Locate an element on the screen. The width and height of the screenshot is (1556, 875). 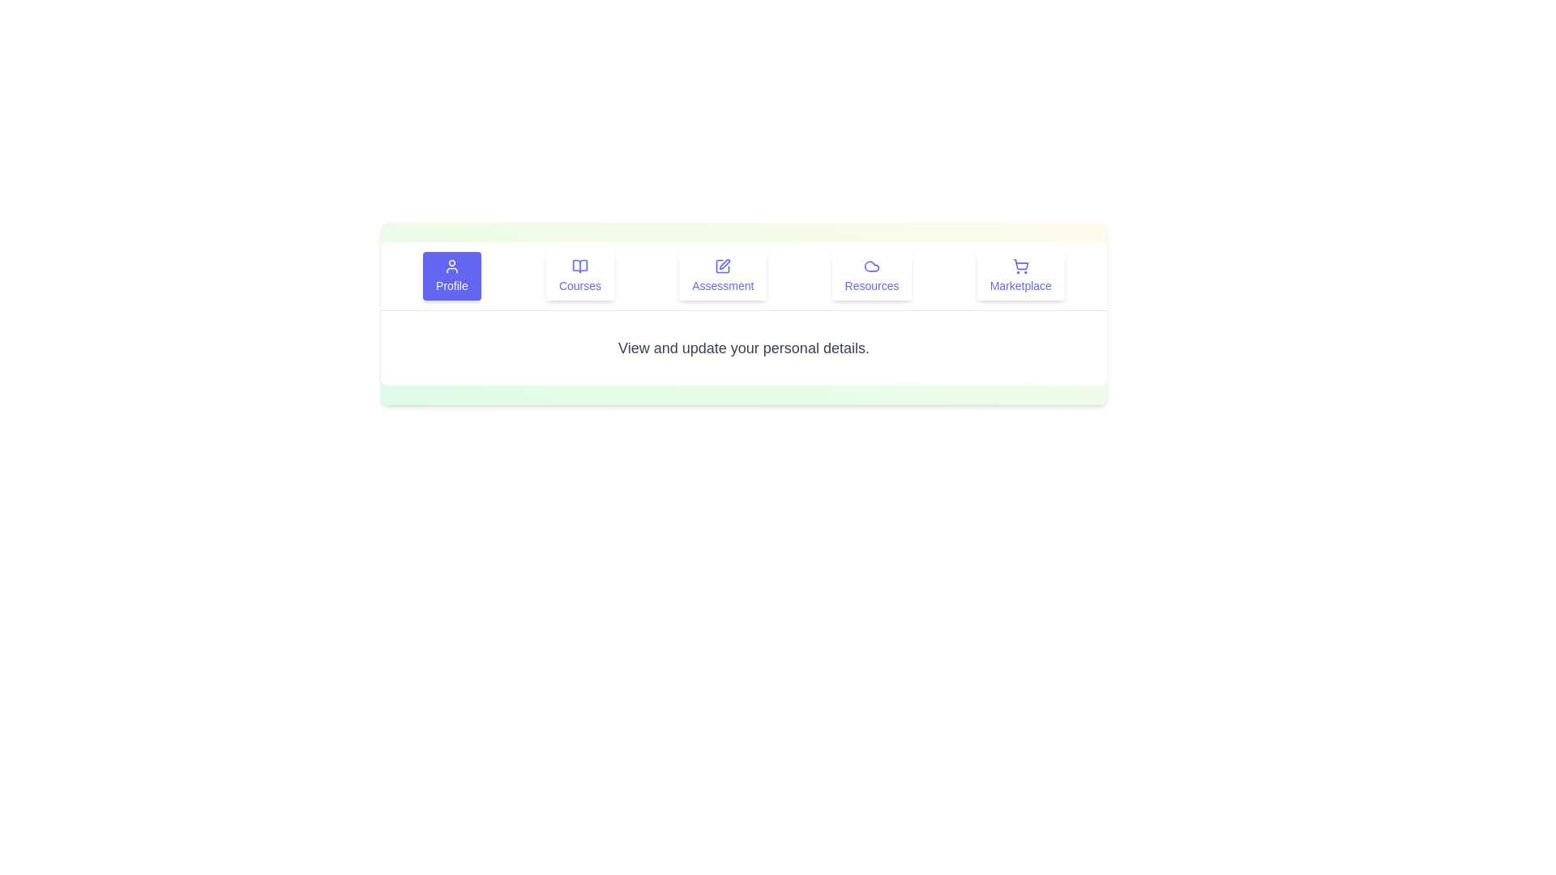
the 'Courses' icon located above the text 'Courses' is located at coordinates (579, 265).